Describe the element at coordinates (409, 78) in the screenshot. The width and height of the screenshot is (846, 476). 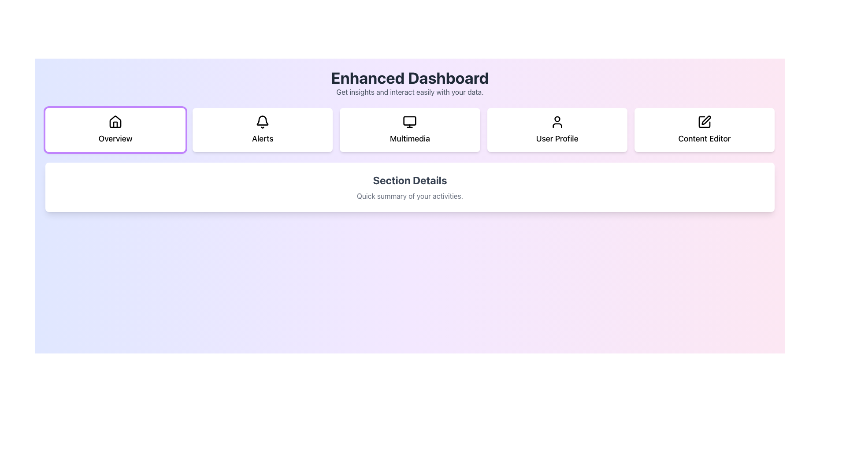
I see `the header text element displaying 'Enhanced Dashboard', which is styled in large, bold font and located at the top center of the layout` at that location.